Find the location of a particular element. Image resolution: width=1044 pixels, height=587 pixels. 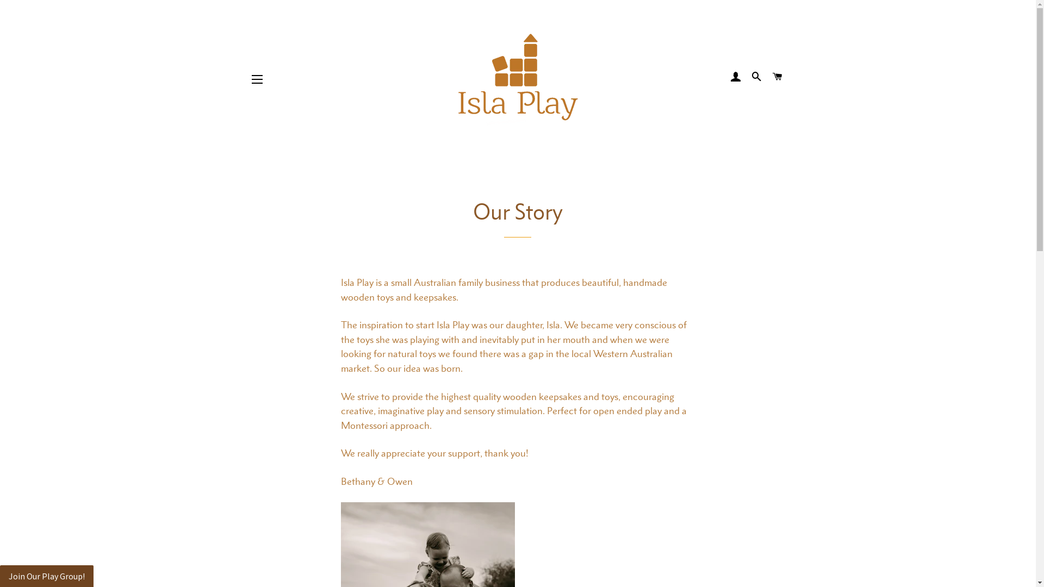

'SEARCH' is located at coordinates (756, 76).